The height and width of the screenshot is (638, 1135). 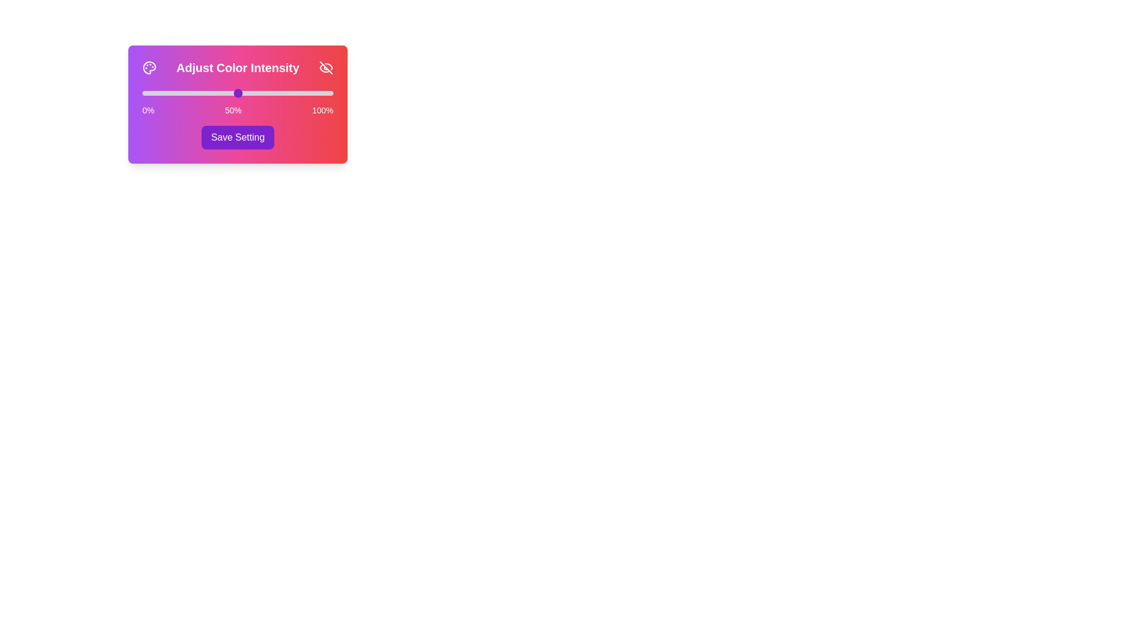 What do you see at coordinates (237, 136) in the screenshot?
I see `the 'Save Setting' button to confirm the intensity` at bounding box center [237, 136].